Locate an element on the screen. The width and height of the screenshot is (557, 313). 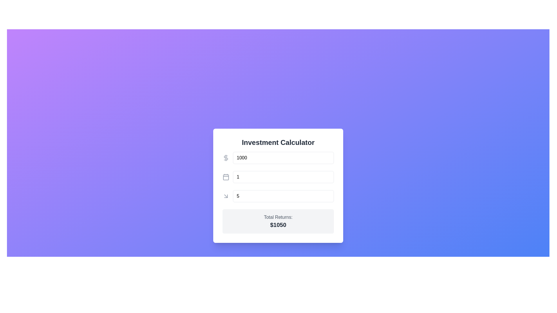
the non-interactive text label element that displays 'Total Returns:' within a light-gray rectangular card is located at coordinates (278, 217).